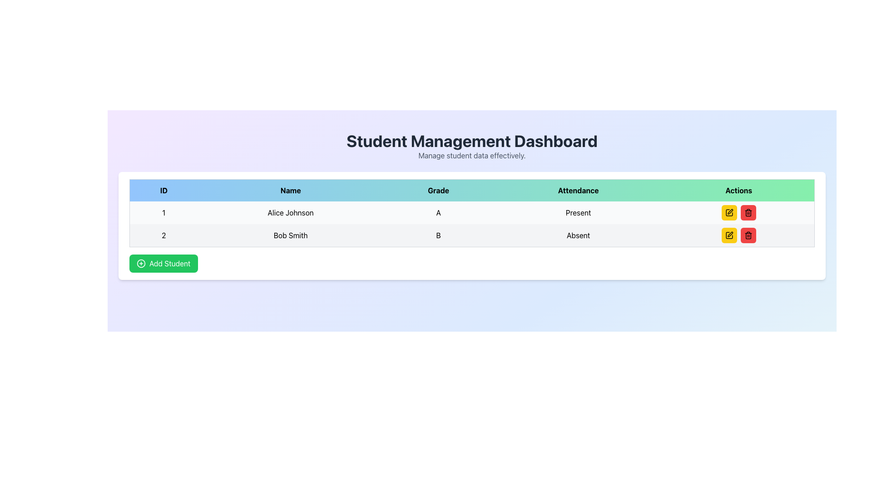 This screenshot has height=490, width=872. Describe the element at coordinates (472, 190) in the screenshot. I see `the Table Header element with a gradient background that reads 'ID, Name, Grade, Attendance, Actions'` at that location.